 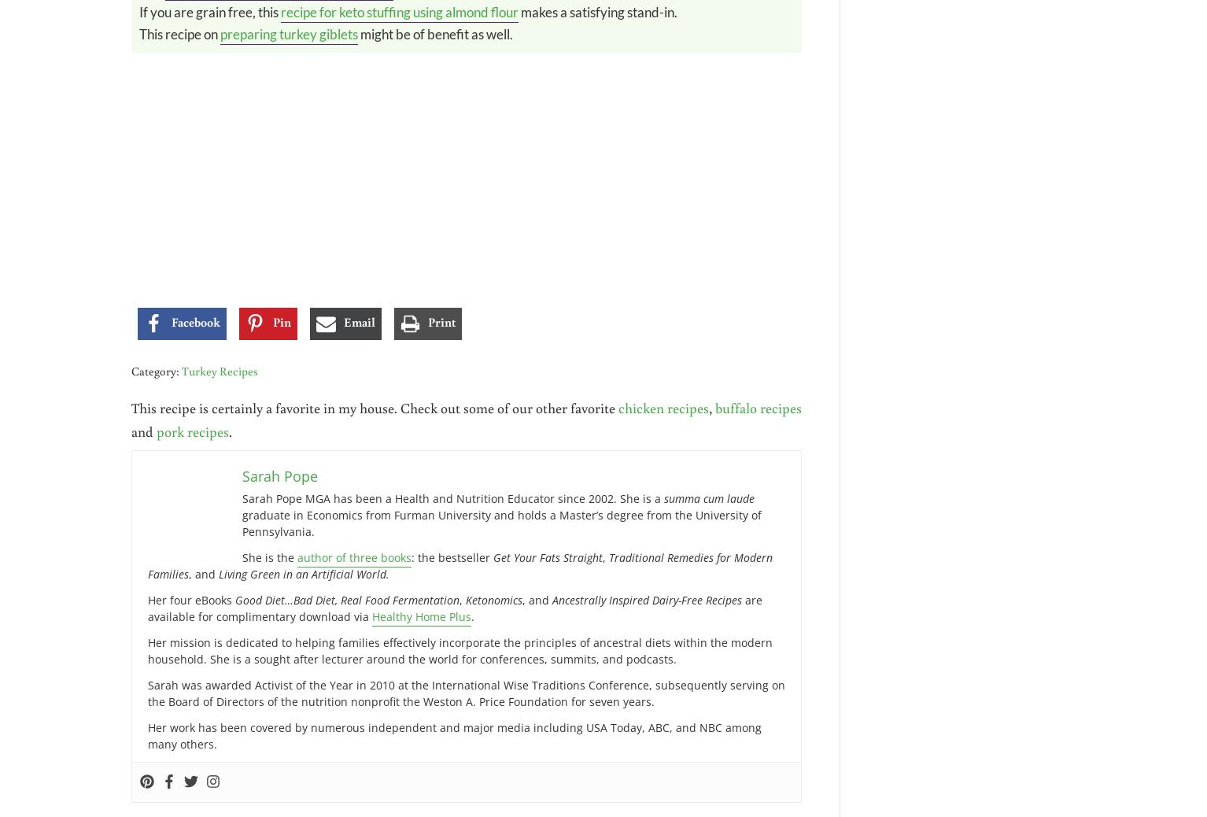 I want to click on 'are available for complimentary download via', so click(x=455, y=606).